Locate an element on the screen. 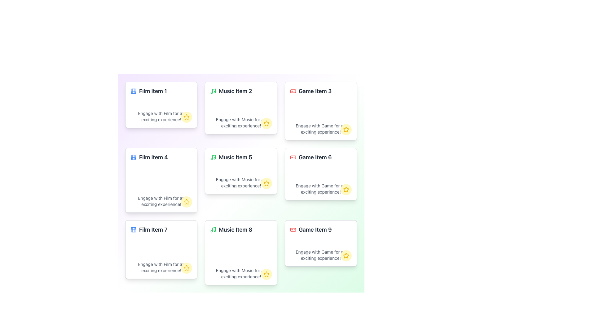  the small blue filmstrip icon preceding the text 'Film Item 1' in the first card is located at coordinates (133, 91).